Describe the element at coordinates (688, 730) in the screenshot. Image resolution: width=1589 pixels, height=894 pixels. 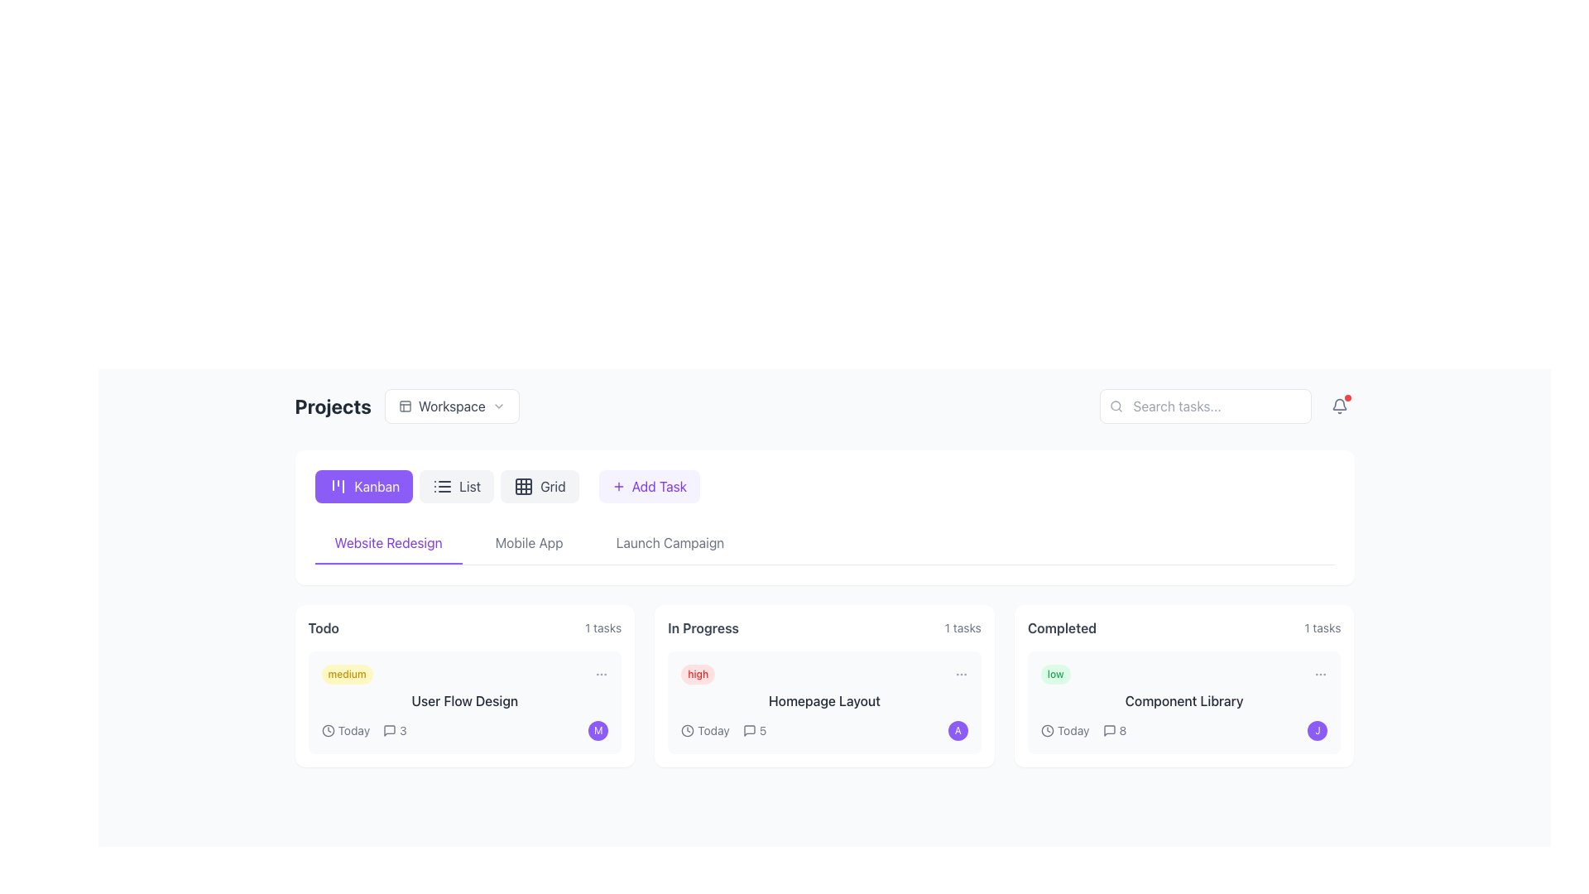
I see `the clock icon indicating time context for the 'Today' text in the 'In Progress' task card on the 'Homepage Layout'` at that location.